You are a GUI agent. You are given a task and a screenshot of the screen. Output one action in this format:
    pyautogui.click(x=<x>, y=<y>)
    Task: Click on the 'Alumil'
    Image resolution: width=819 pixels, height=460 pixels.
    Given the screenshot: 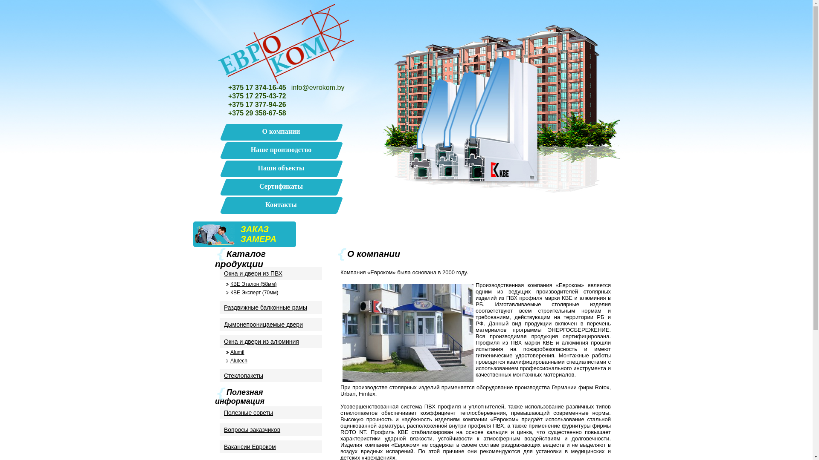 What is the action you would take?
    pyautogui.click(x=270, y=352)
    